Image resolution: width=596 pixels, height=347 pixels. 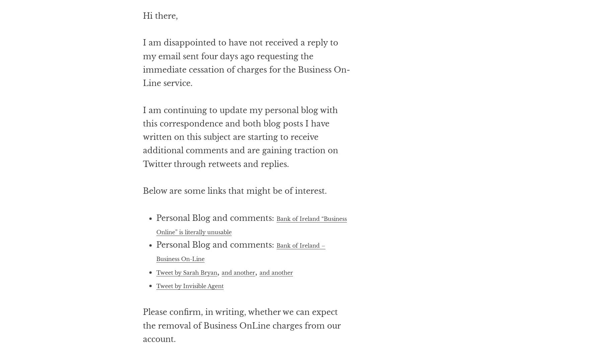 I want to click on 'I am continuing to update my personal blog with this correspondence and both blog posts I have written on this subject are starting to receive additional comments and are gaining traction on Twitter through retweets and replies.', so click(x=240, y=164).